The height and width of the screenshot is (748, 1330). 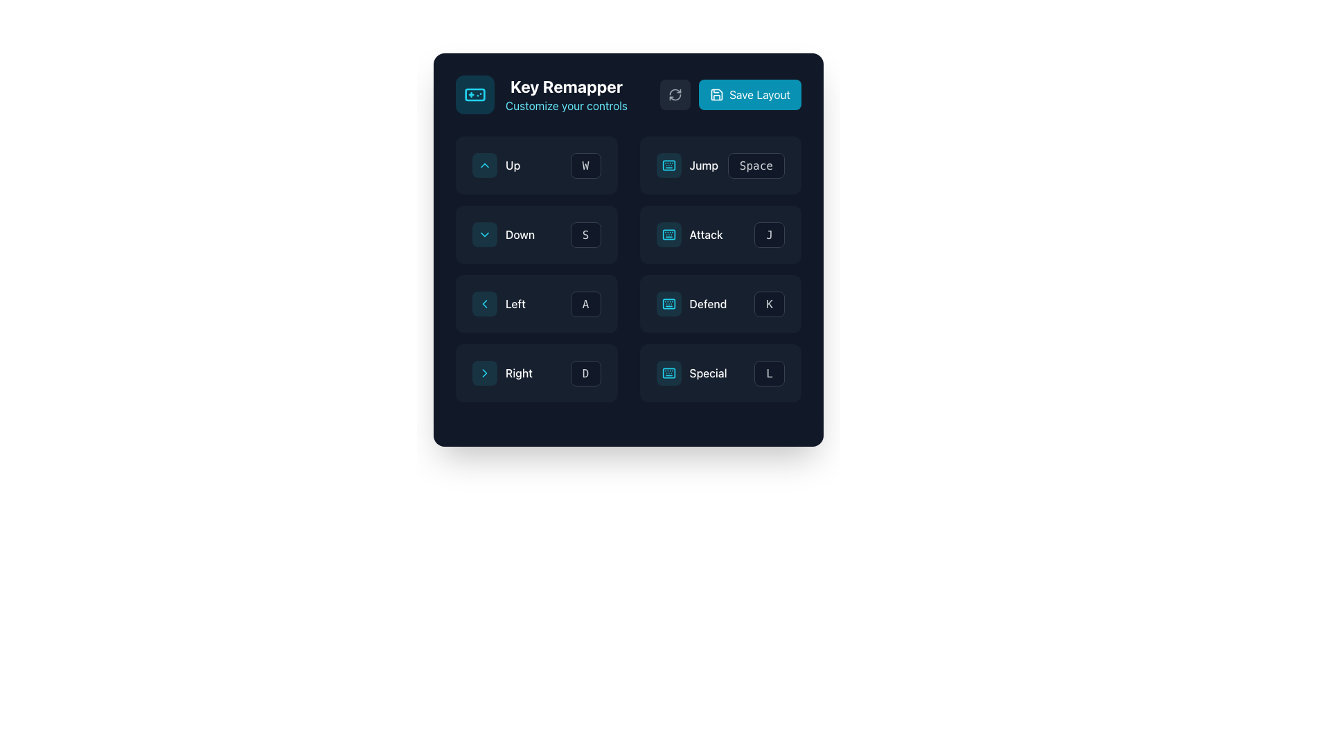 I want to click on the circular refresh arrow icon button located to the right of the 'Key Remapper' text and to the left of the 'Save Layout' button, so click(x=675, y=94).